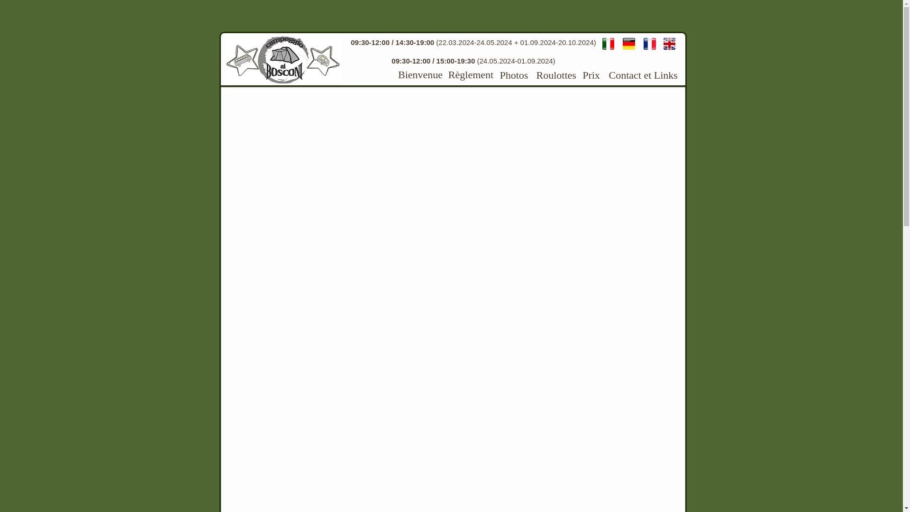 The width and height of the screenshot is (910, 512). Describe the element at coordinates (582, 74) in the screenshot. I see `'Prix'` at that location.